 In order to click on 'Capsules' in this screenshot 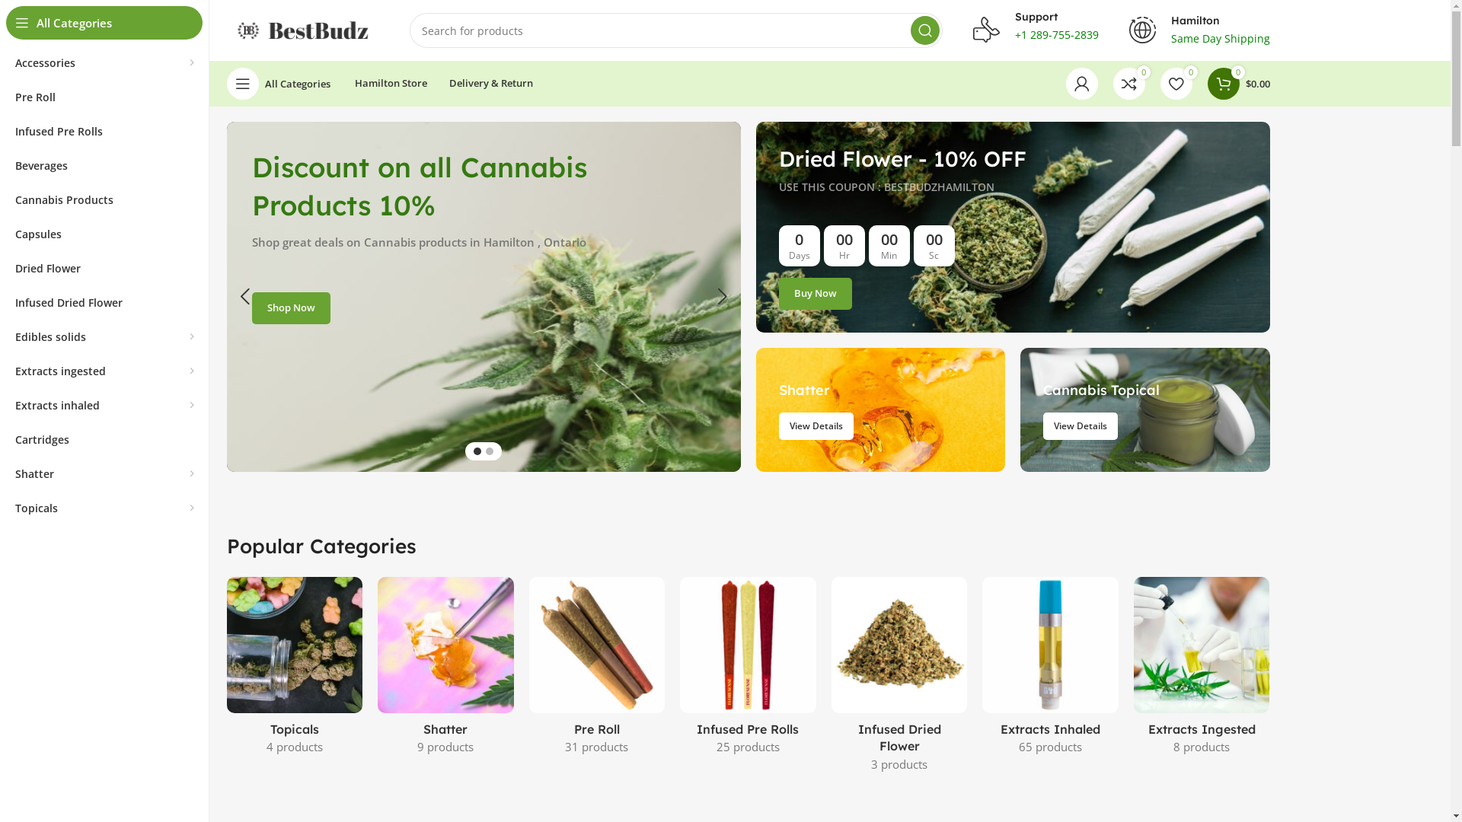, I will do `click(104, 234)`.